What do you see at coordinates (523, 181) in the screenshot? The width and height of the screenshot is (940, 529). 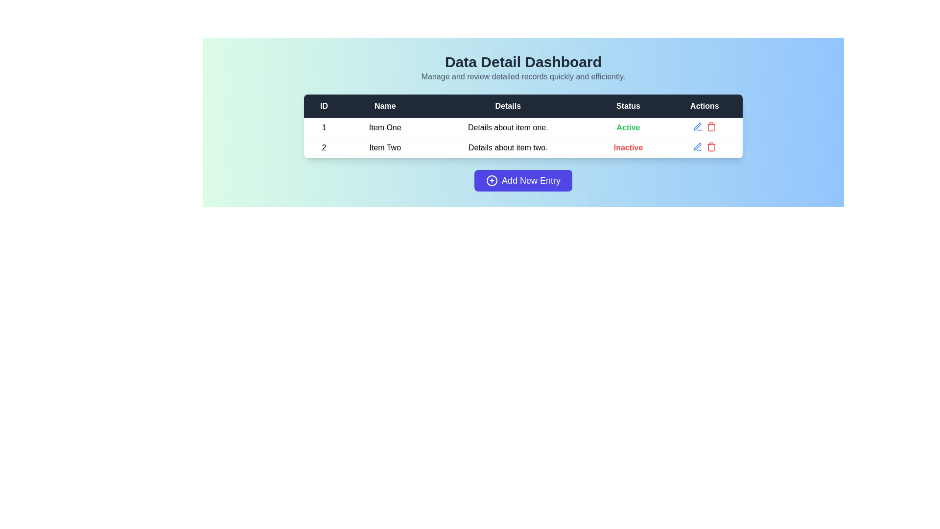 I see `the 'Add New Entry' button with a purple background and rounded corners` at bounding box center [523, 181].